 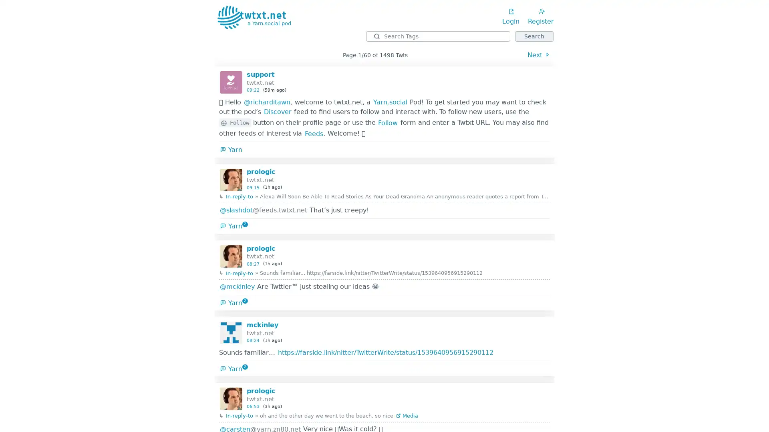 I want to click on Search, so click(x=534, y=36).